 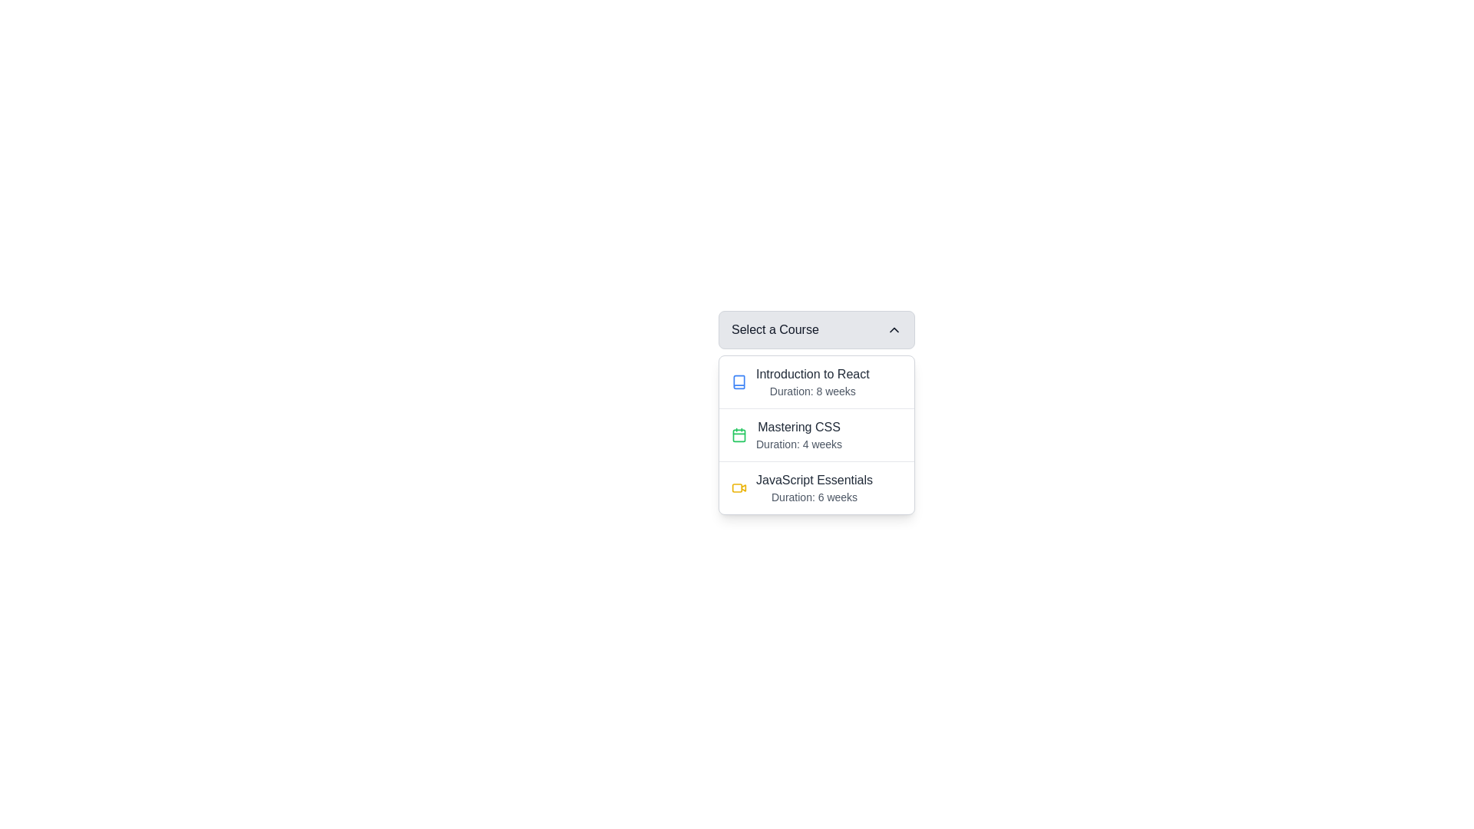 I want to click on the upward-pointing chevron icon, which is an SVG graphic with a gray stroke, located at the far right of the 'Select a Course' button, so click(x=894, y=329).